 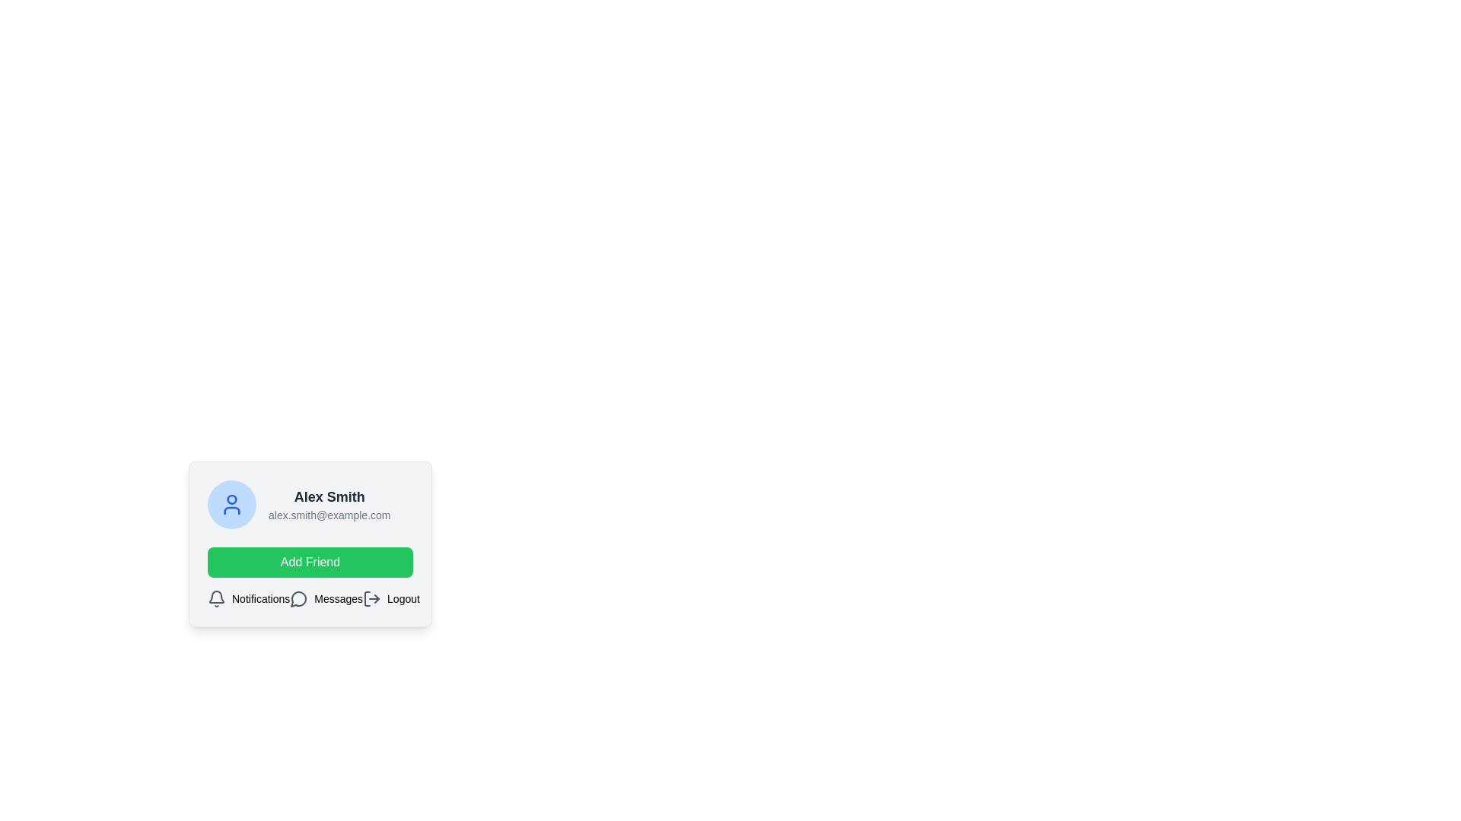 What do you see at coordinates (310, 563) in the screenshot?
I see `the 'Add Friend' button located in the user profile card component, which is positioned beneath the user information and above the navigation section` at bounding box center [310, 563].